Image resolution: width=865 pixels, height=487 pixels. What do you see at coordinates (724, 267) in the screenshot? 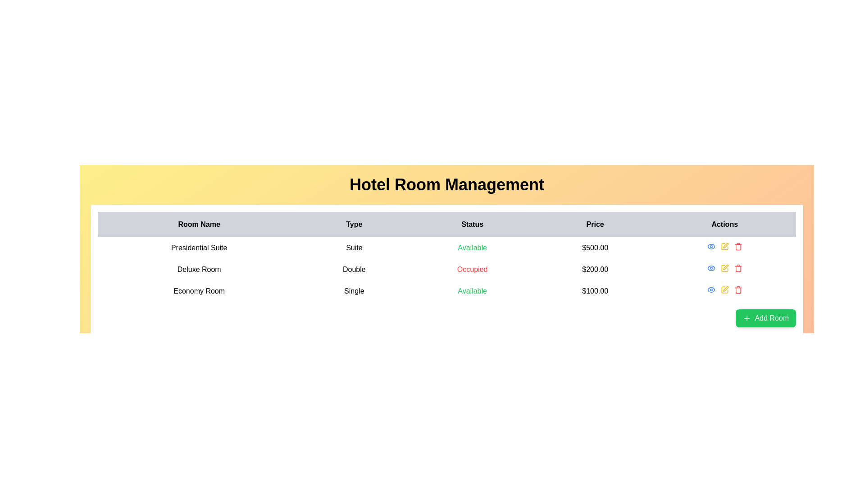
I see `the yellow pencil icon in the Inline action buttons group located in the 'Actions' column of the second row of the hotel room management table` at bounding box center [724, 267].